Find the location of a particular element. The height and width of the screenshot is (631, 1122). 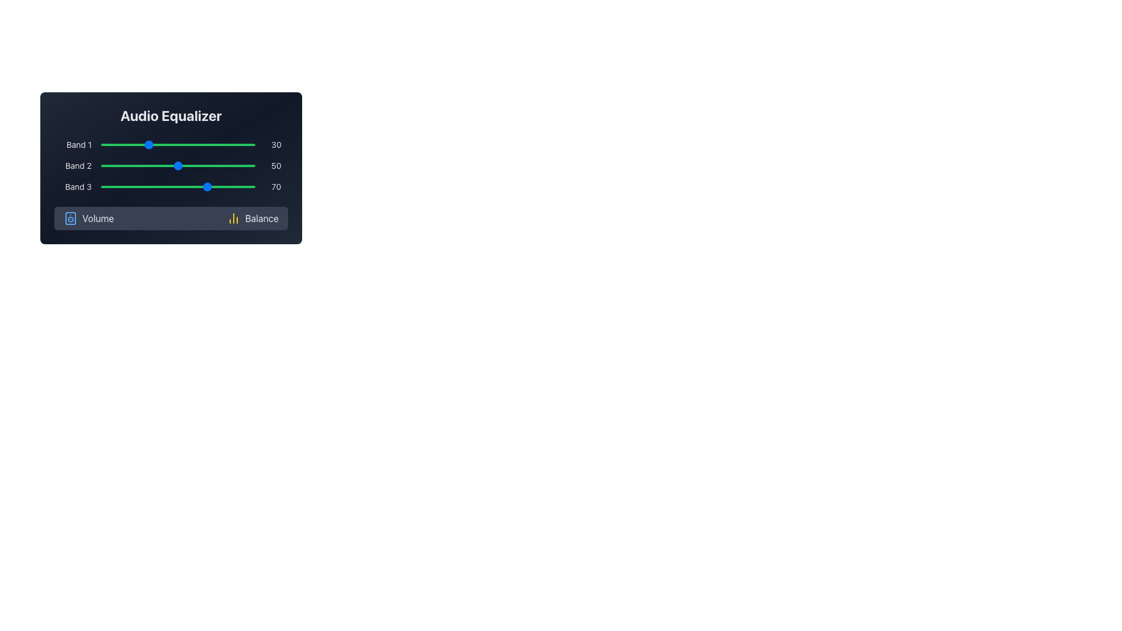

Band 1 equalizer value is located at coordinates (182, 144).